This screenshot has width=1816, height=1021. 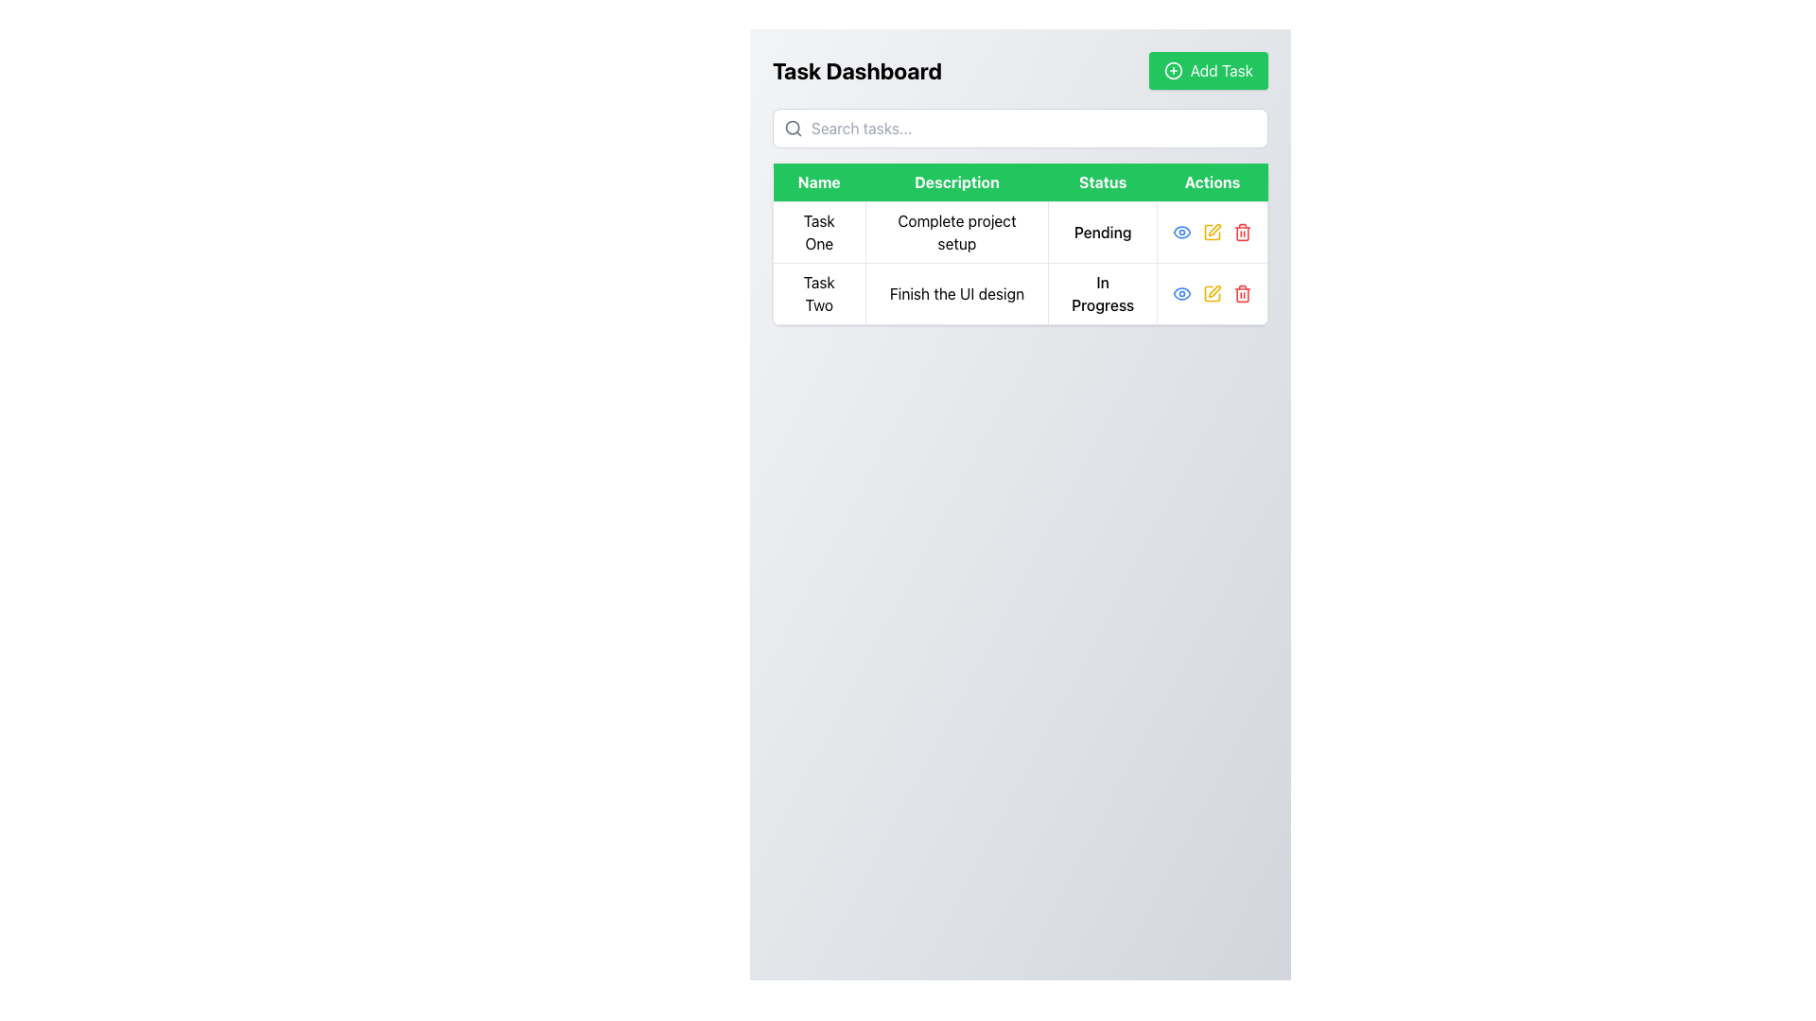 I want to click on the second row in the 'Task Dashboard' table, which is located between 'Task One' and the next row, so click(x=1020, y=294).